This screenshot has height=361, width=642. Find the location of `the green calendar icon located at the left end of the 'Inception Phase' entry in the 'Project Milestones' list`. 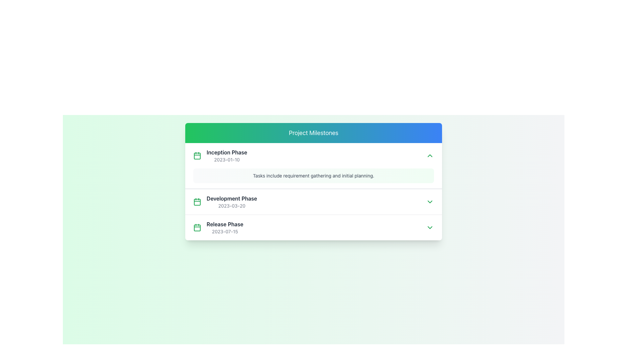

the green calendar icon located at the left end of the 'Inception Phase' entry in the 'Project Milestones' list is located at coordinates (197, 228).